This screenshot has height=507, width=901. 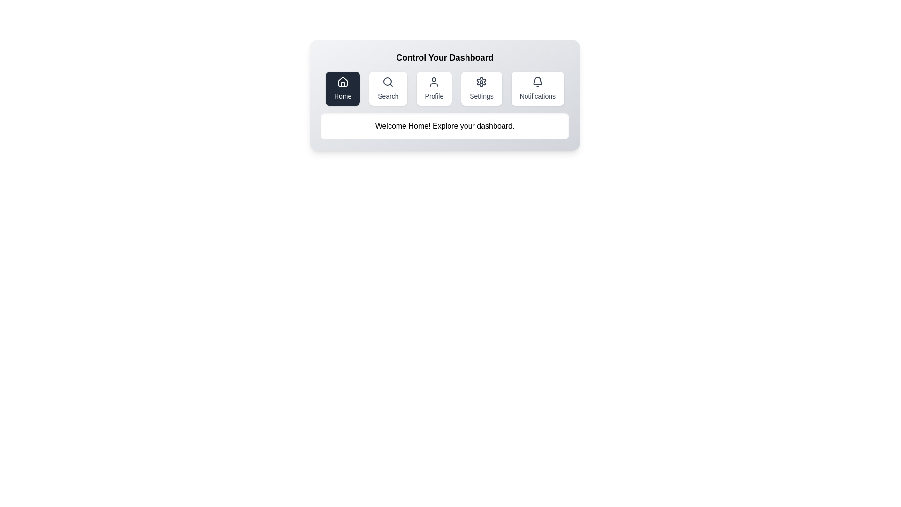 What do you see at coordinates (388, 81) in the screenshot?
I see `the circular search icon, which is the inner part of the magnifying glass icon located second from the left in the top menu` at bounding box center [388, 81].